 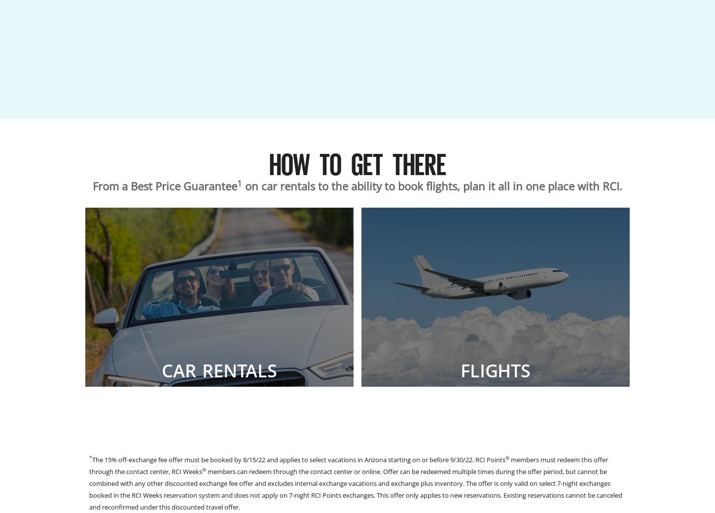 I want to click on 'members must redeem this offer through the contact center, RCI Weeks', so click(x=88, y=466).